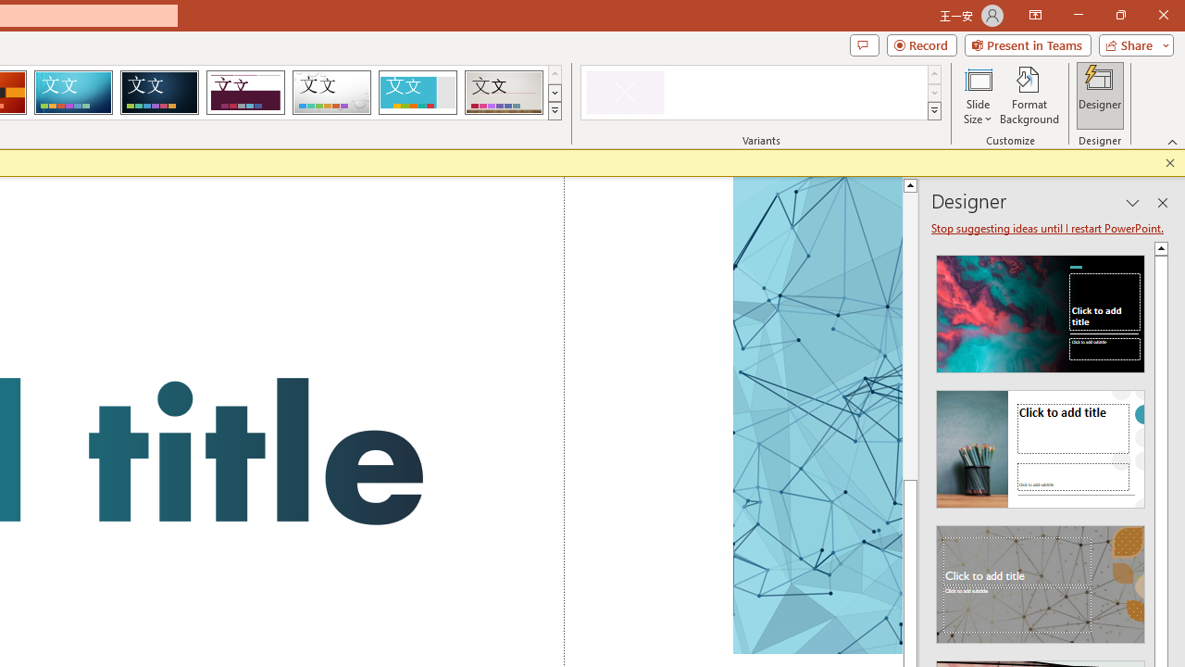 This screenshot has width=1185, height=667. What do you see at coordinates (1169, 162) in the screenshot?
I see `'Close this message'` at bounding box center [1169, 162].